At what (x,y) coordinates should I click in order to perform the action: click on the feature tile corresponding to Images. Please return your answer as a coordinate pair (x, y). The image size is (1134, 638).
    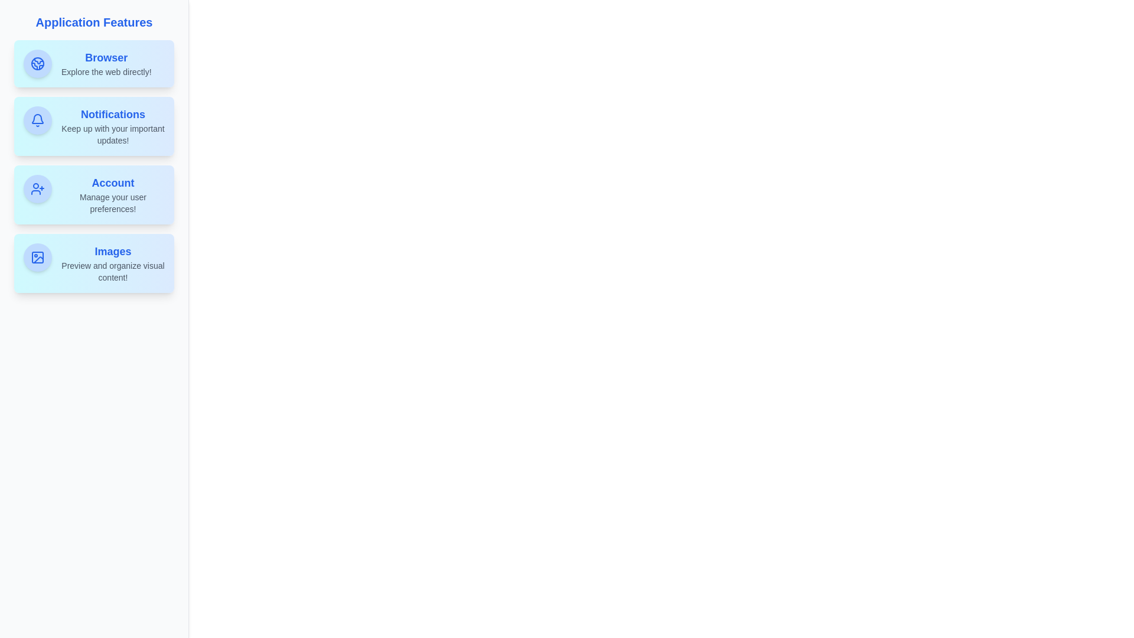
    Looking at the image, I should click on (93, 263).